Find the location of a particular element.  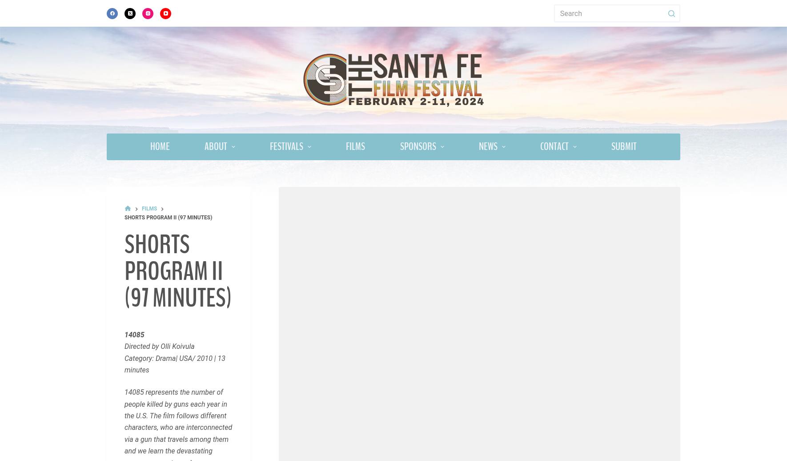

'Required fields are marked' is located at coordinates (157, 416).